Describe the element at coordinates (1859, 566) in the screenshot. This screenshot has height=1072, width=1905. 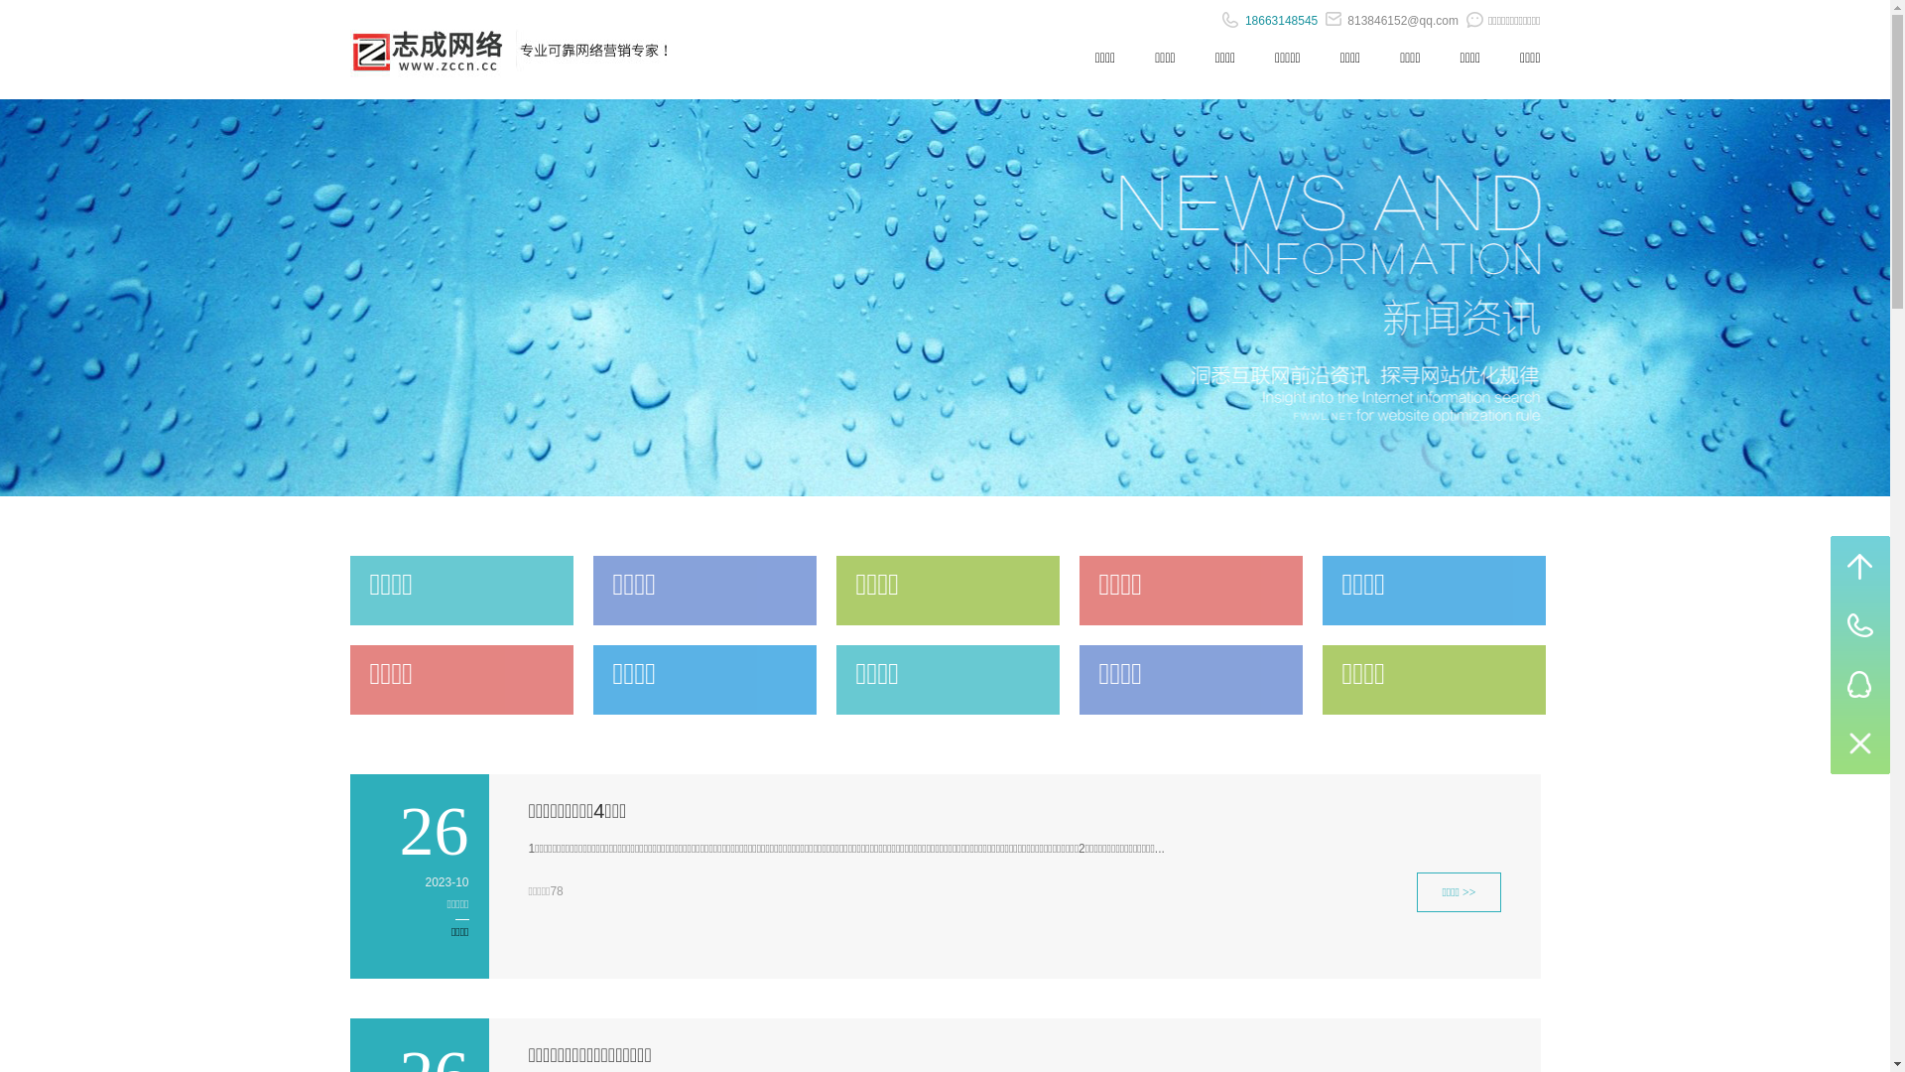
I see `'0'` at that location.